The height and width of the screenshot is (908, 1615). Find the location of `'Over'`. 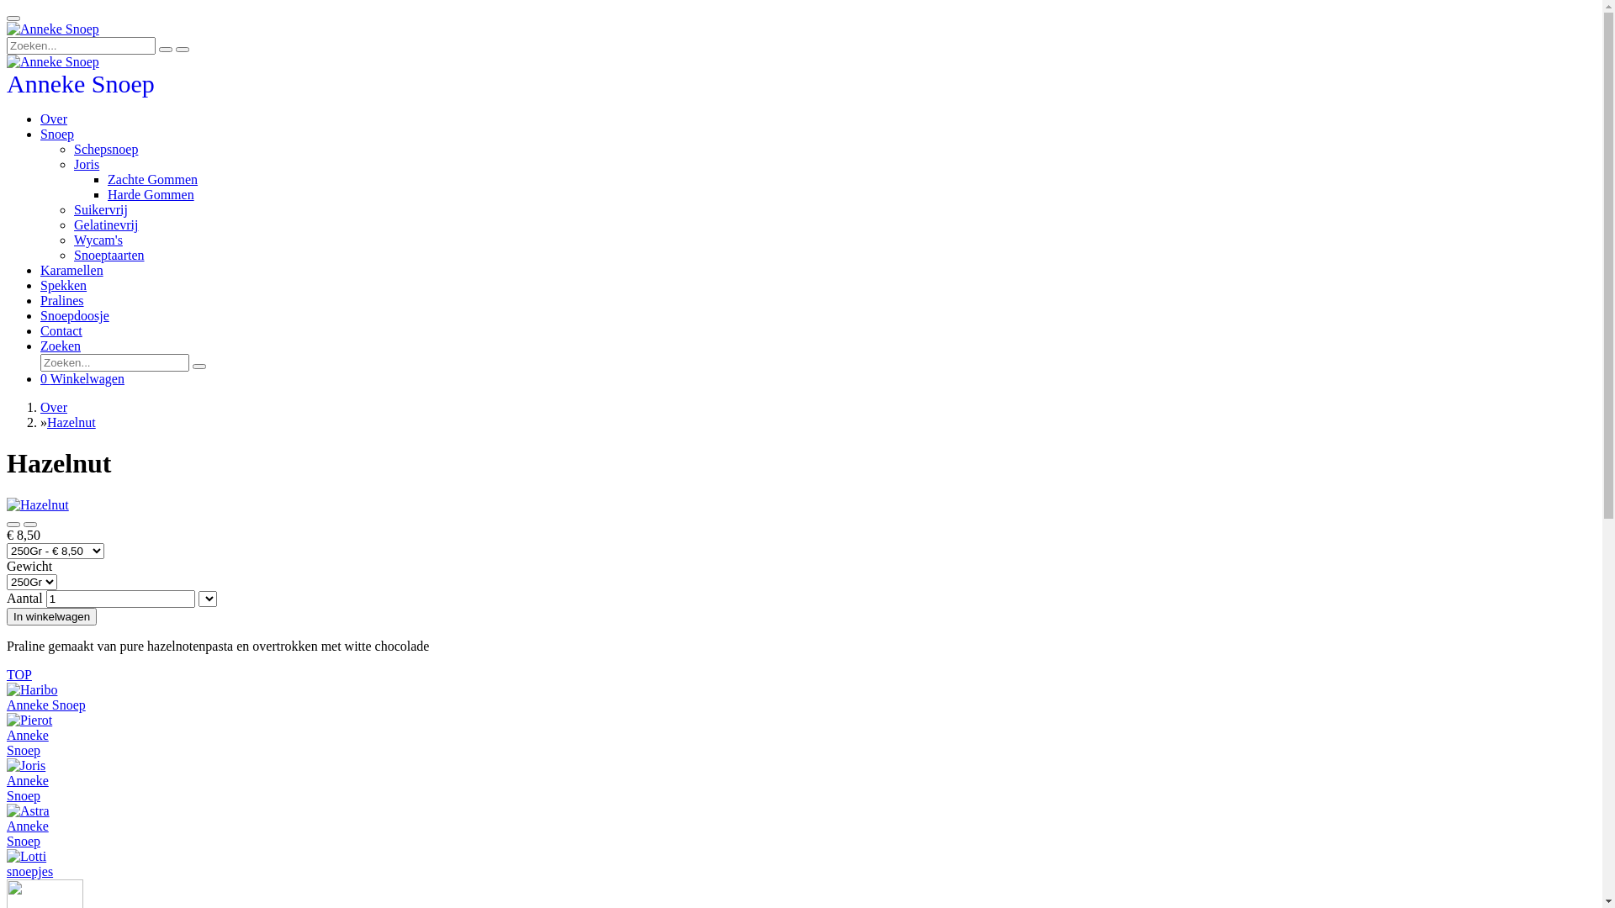

'Over' is located at coordinates (53, 118).